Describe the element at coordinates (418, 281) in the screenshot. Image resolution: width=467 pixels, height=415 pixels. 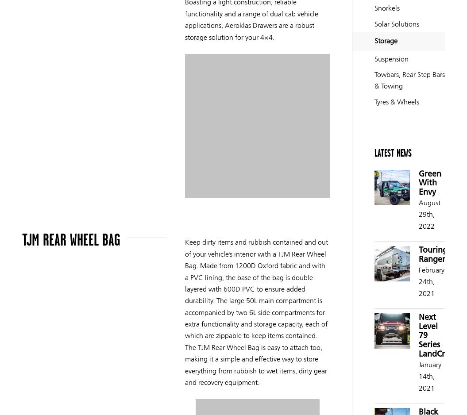
I see `'February 24th, 2021'` at that location.